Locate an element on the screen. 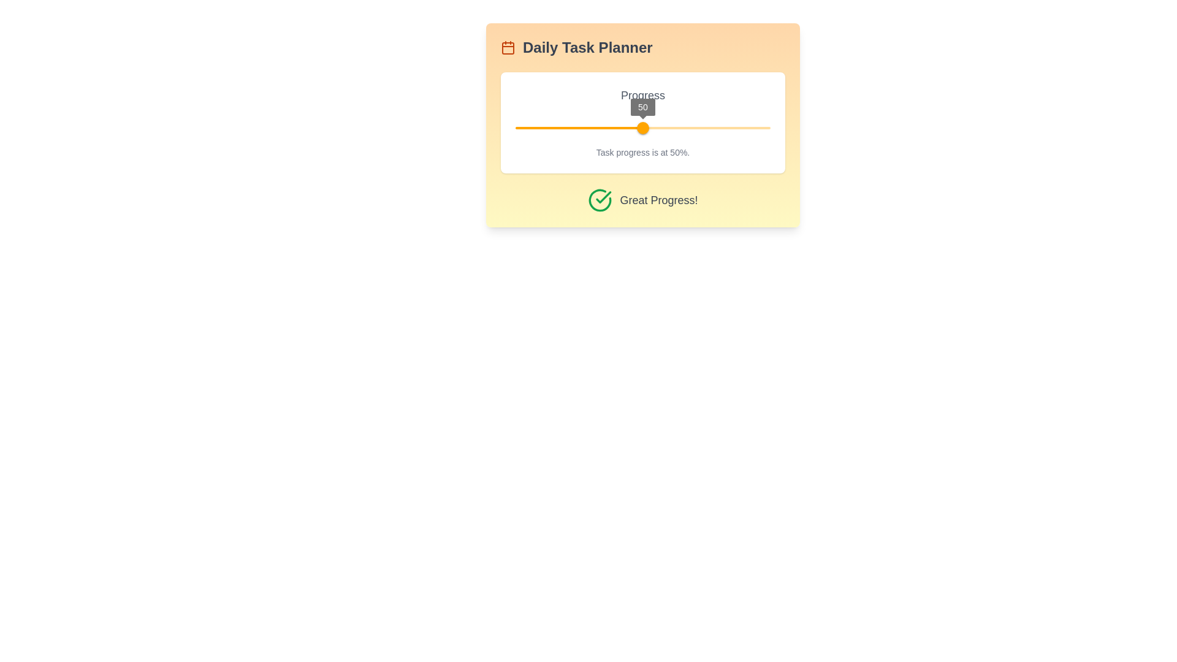  the informative text element that shows 'Great Progress!' with a green check mark icon, located at the bottom of the 'Daily Task Planner' card section is located at coordinates (642, 200).